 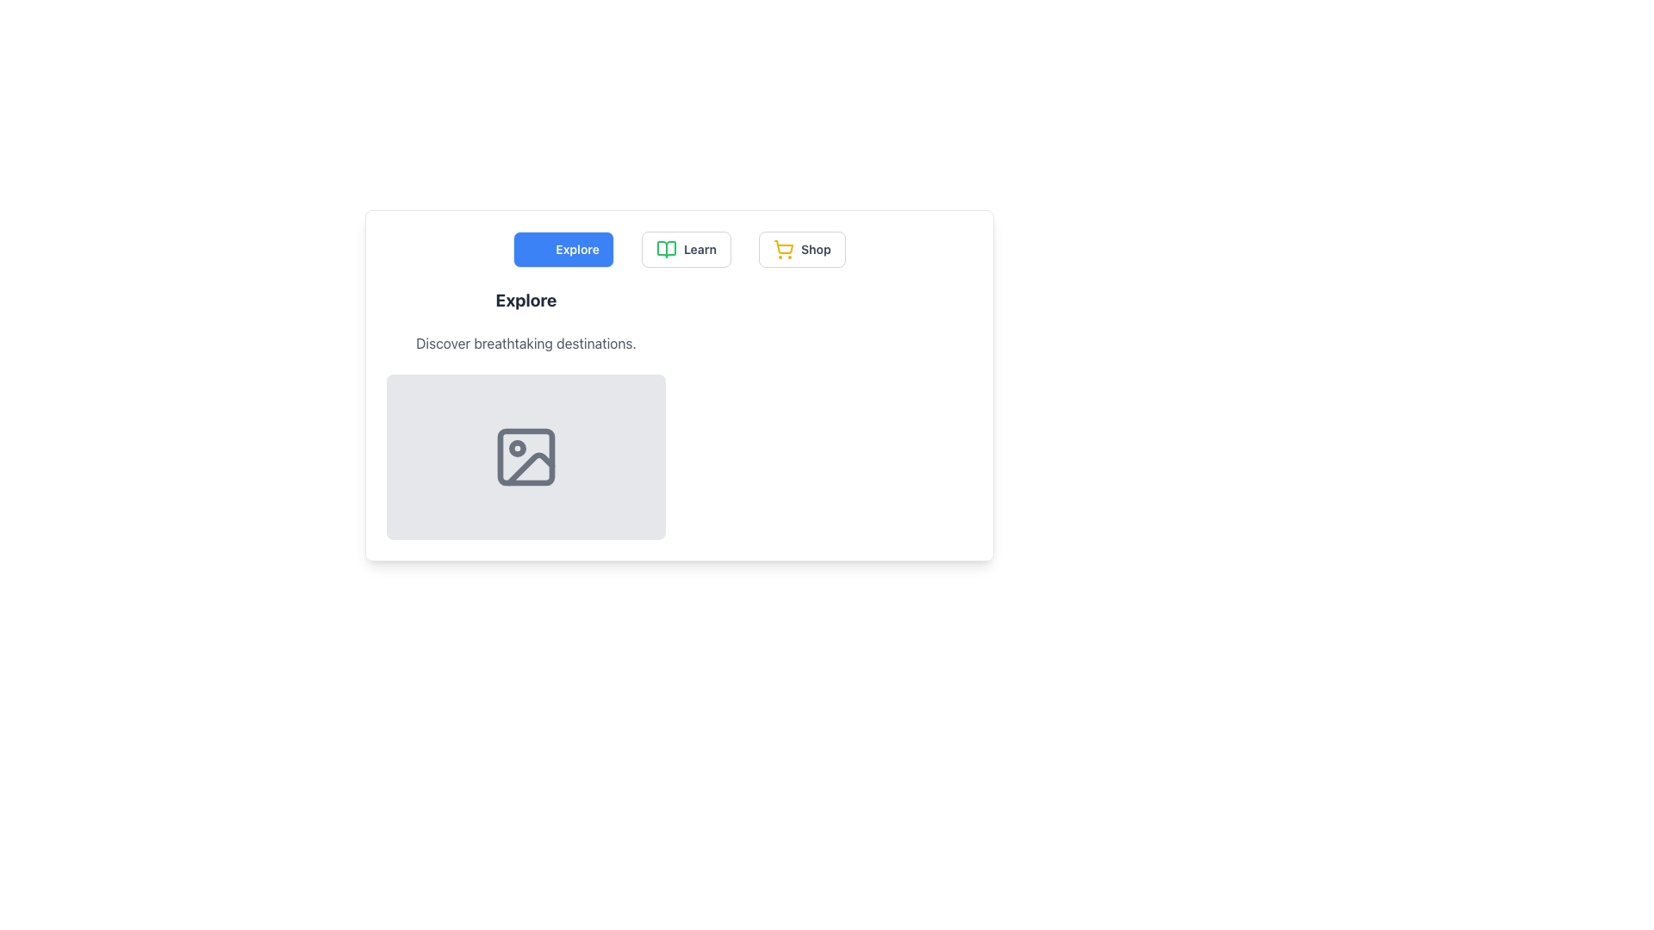 What do you see at coordinates (782, 249) in the screenshot?
I see `the yellow shopping cart icon with a minimalist design, located in the 'Shop' button group on the right-most side of the navigation bar` at bounding box center [782, 249].